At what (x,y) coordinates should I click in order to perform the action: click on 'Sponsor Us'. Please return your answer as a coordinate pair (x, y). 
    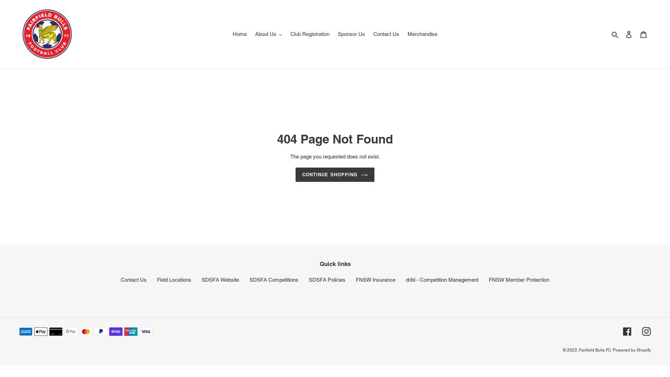
    Looking at the image, I should click on (334, 34).